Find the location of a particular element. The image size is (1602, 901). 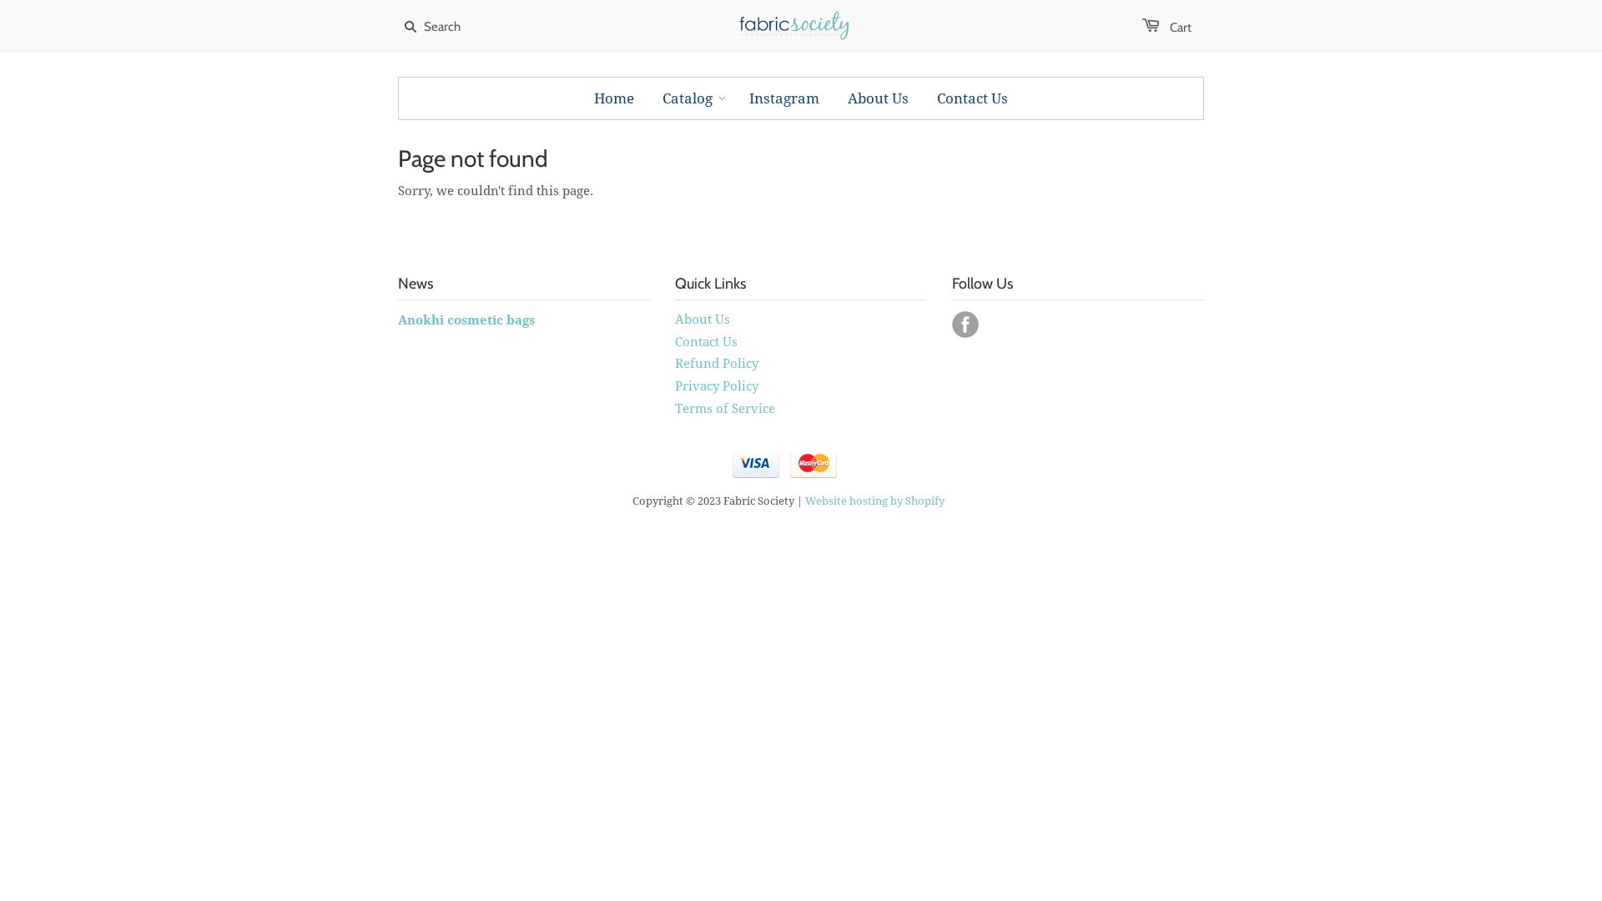

'Catalog' is located at coordinates (688, 98).